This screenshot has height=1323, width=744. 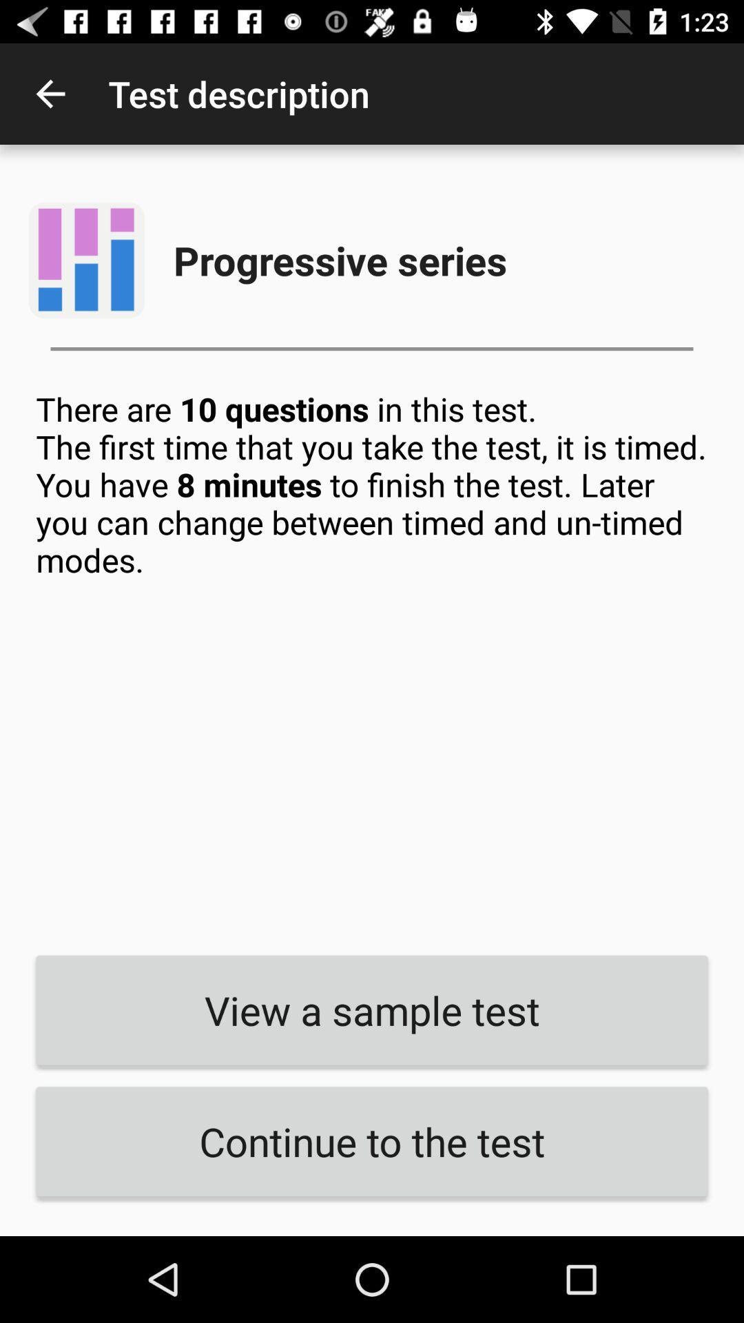 What do you see at coordinates (372, 662) in the screenshot?
I see `the there are 10` at bounding box center [372, 662].